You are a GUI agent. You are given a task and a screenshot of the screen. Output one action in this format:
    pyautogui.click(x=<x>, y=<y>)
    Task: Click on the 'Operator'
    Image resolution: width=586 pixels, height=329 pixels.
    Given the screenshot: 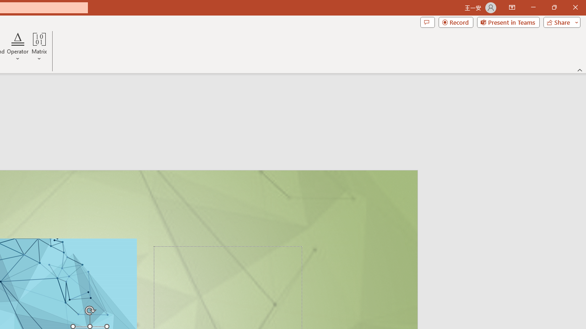 What is the action you would take?
    pyautogui.click(x=18, y=47)
    